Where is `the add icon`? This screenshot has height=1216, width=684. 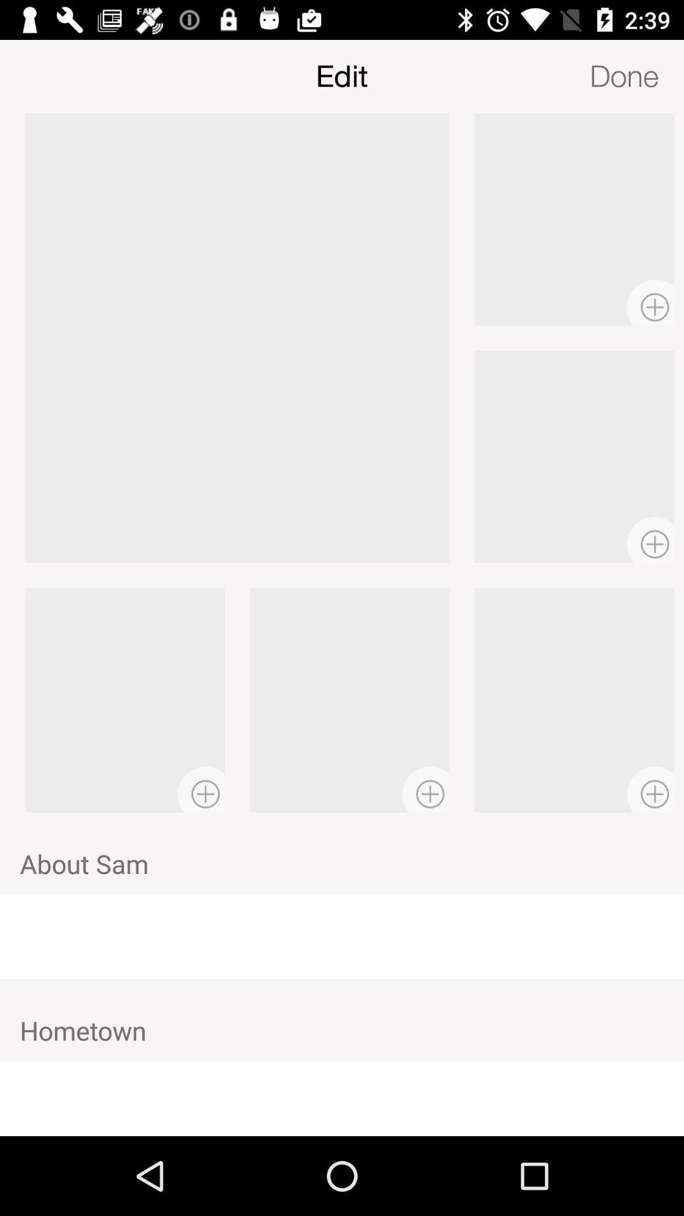
the add icon is located at coordinates (426, 788).